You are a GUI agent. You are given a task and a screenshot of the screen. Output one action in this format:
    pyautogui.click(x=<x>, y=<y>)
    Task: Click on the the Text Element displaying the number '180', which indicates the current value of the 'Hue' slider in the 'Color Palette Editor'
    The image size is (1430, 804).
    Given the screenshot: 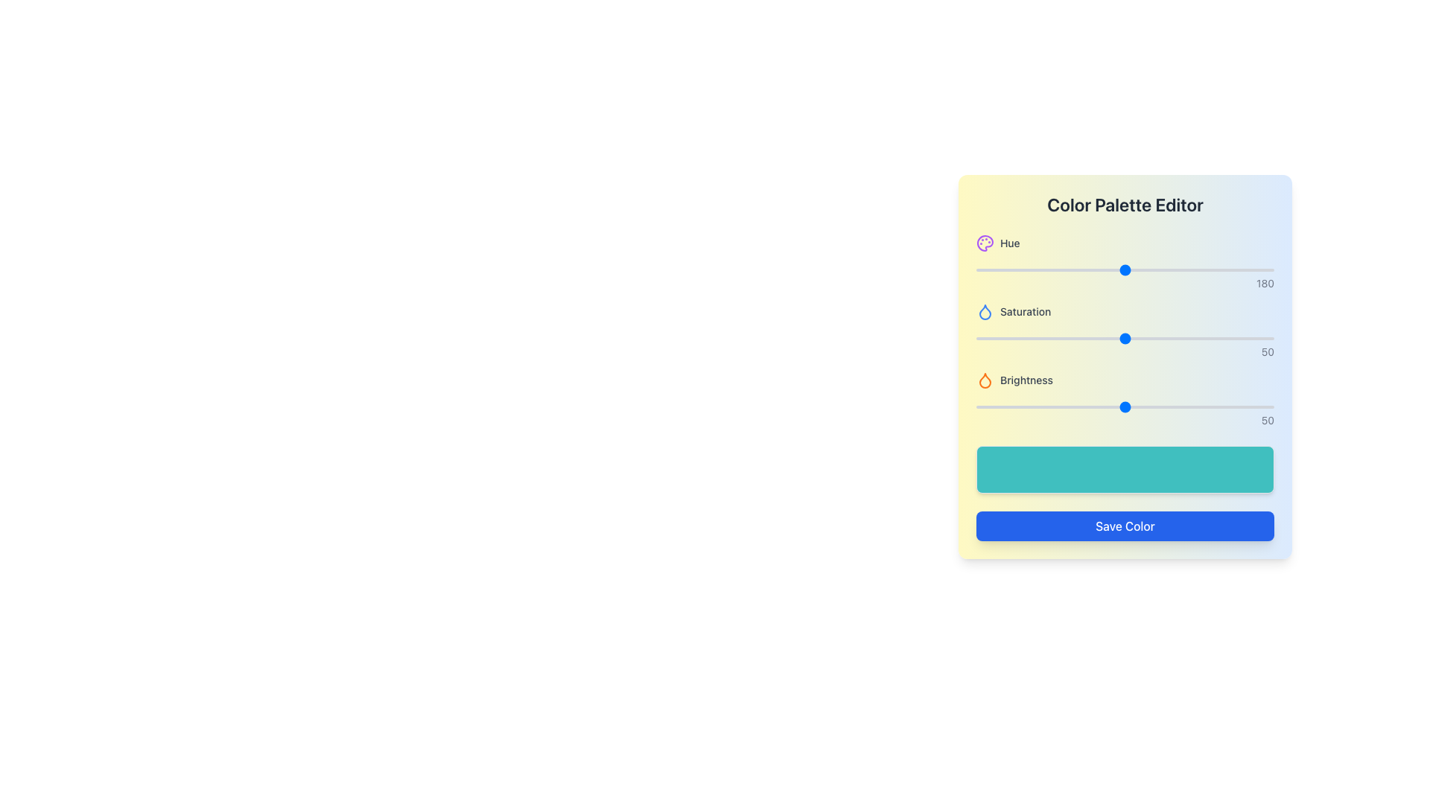 What is the action you would take?
    pyautogui.click(x=1125, y=284)
    